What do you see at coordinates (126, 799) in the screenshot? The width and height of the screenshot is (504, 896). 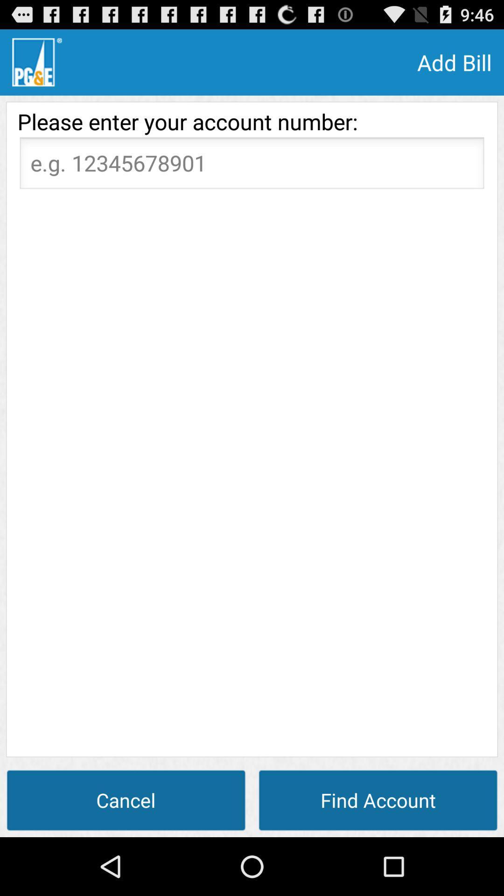 I see `the cancel` at bounding box center [126, 799].